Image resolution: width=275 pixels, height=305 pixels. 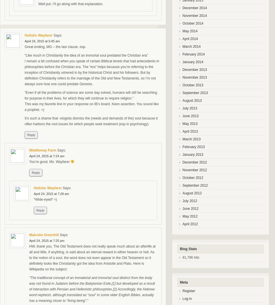 What do you see at coordinates (194, 146) in the screenshot?
I see `'February 2013'` at bounding box center [194, 146].